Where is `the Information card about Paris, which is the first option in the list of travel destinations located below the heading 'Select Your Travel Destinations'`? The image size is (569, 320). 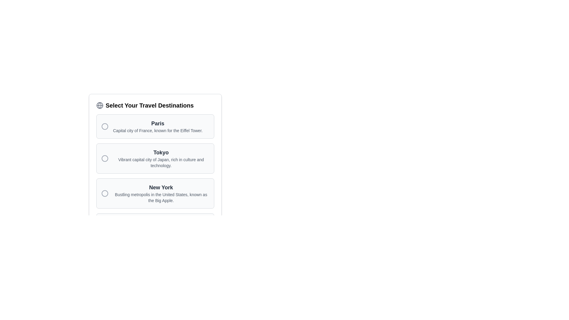 the Information card about Paris, which is the first option in the list of travel destinations located below the heading 'Select Your Travel Destinations' is located at coordinates (158, 126).